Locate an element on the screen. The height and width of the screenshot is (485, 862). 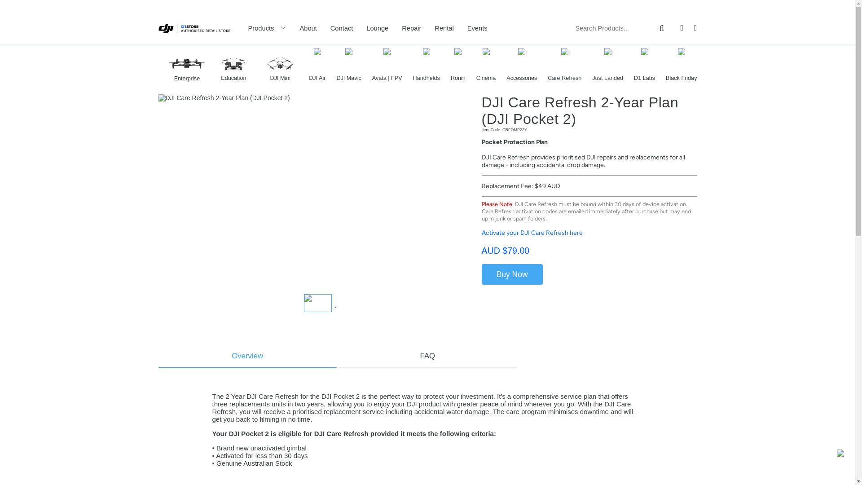
'DJI Air' is located at coordinates (317, 64).